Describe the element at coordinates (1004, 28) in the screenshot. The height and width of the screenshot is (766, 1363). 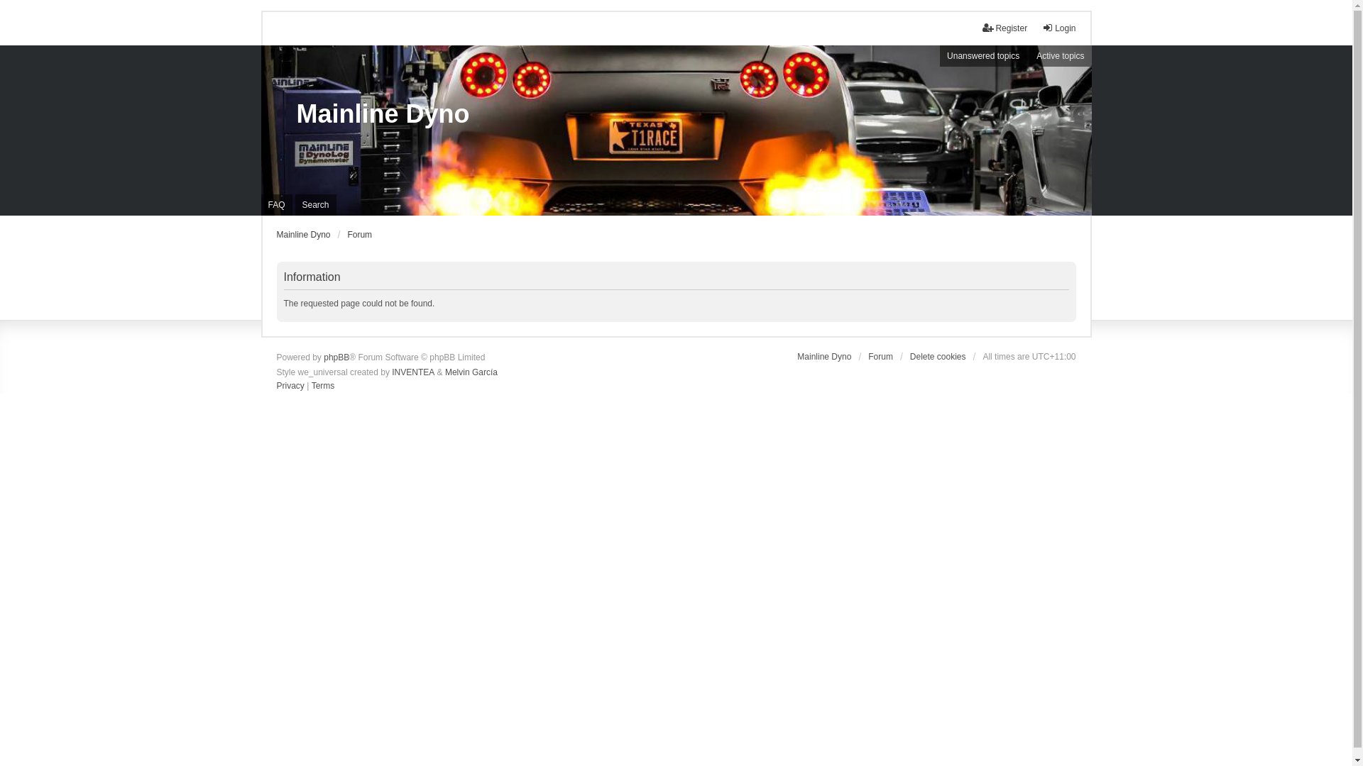
I see `'Register'` at that location.